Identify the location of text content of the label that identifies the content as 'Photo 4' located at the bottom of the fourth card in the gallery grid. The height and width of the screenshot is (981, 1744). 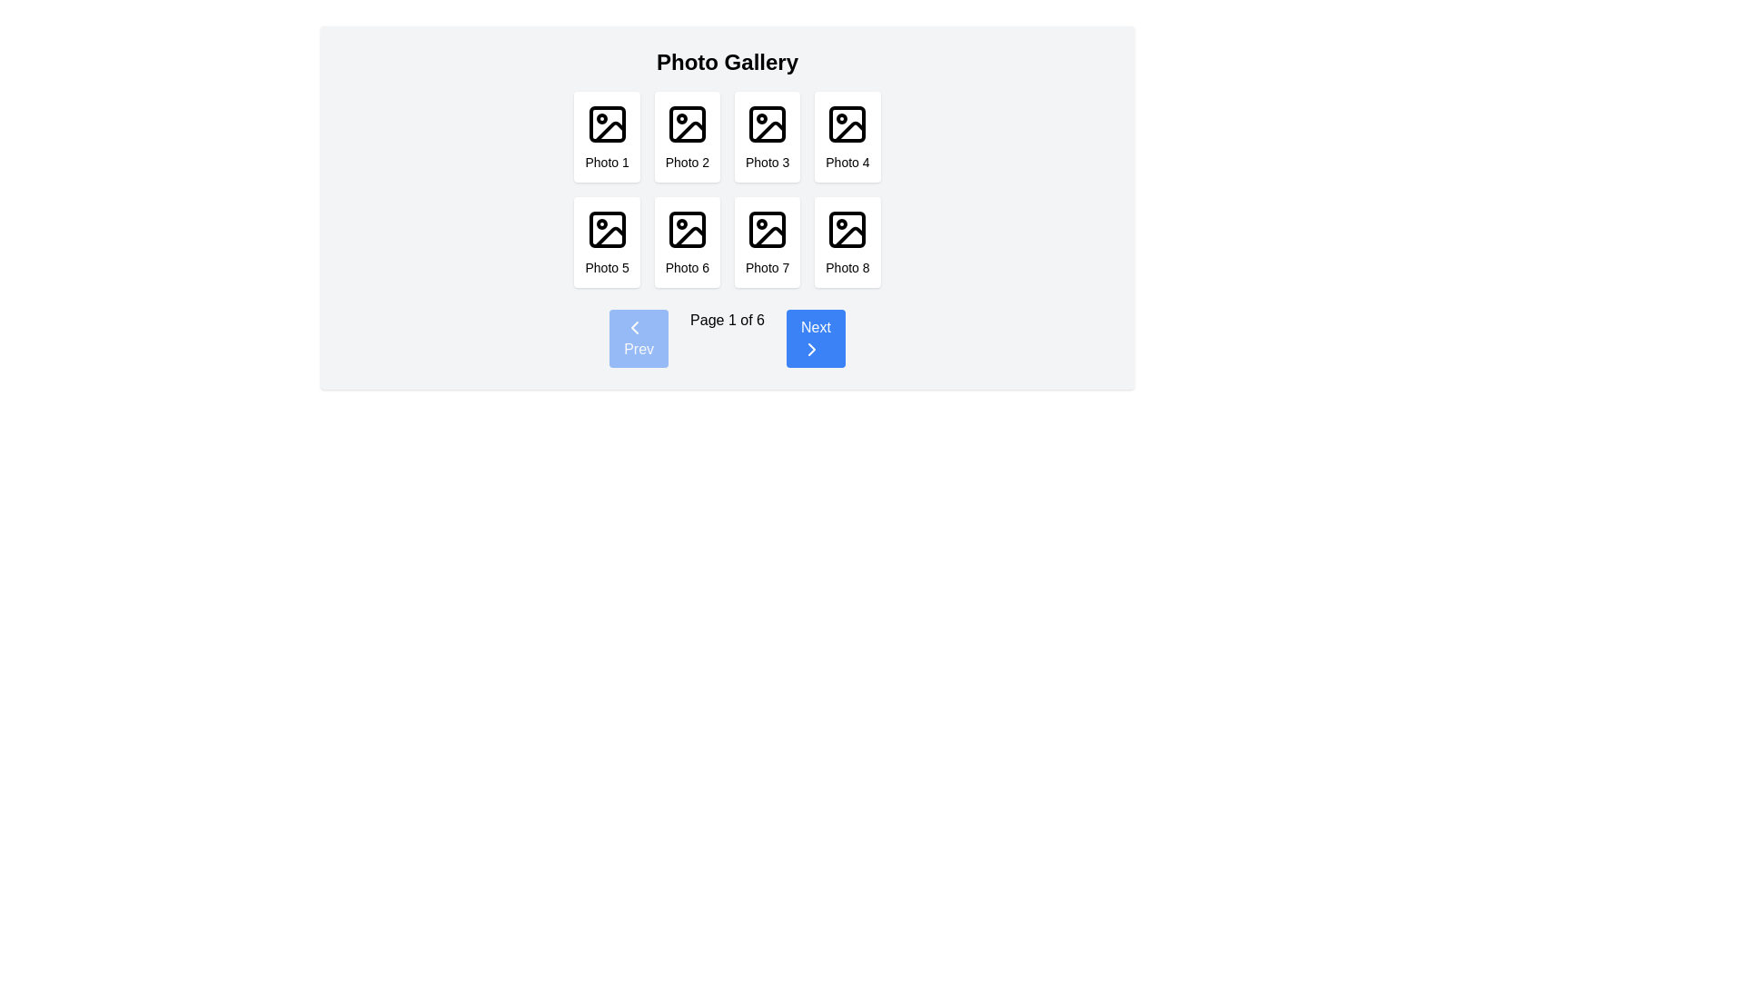
(847, 161).